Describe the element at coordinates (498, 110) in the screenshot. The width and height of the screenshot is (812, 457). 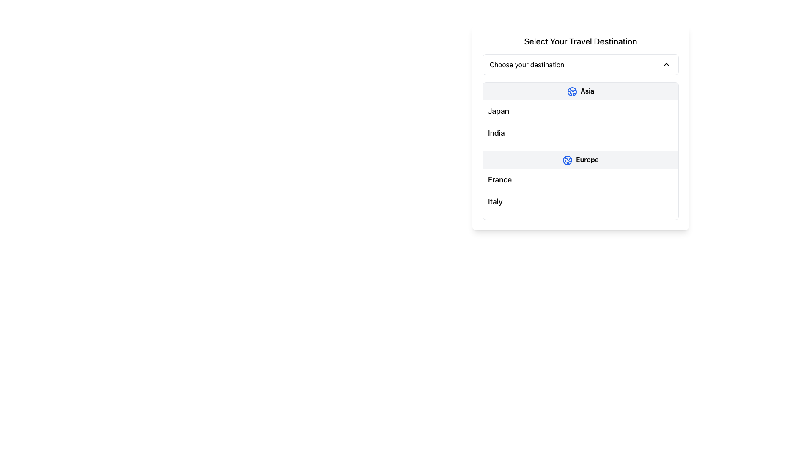
I see `'Japan' text label, which is the first visible item under the 'Asia' section in the 'Select Your Travel Destination' modal` at that location.